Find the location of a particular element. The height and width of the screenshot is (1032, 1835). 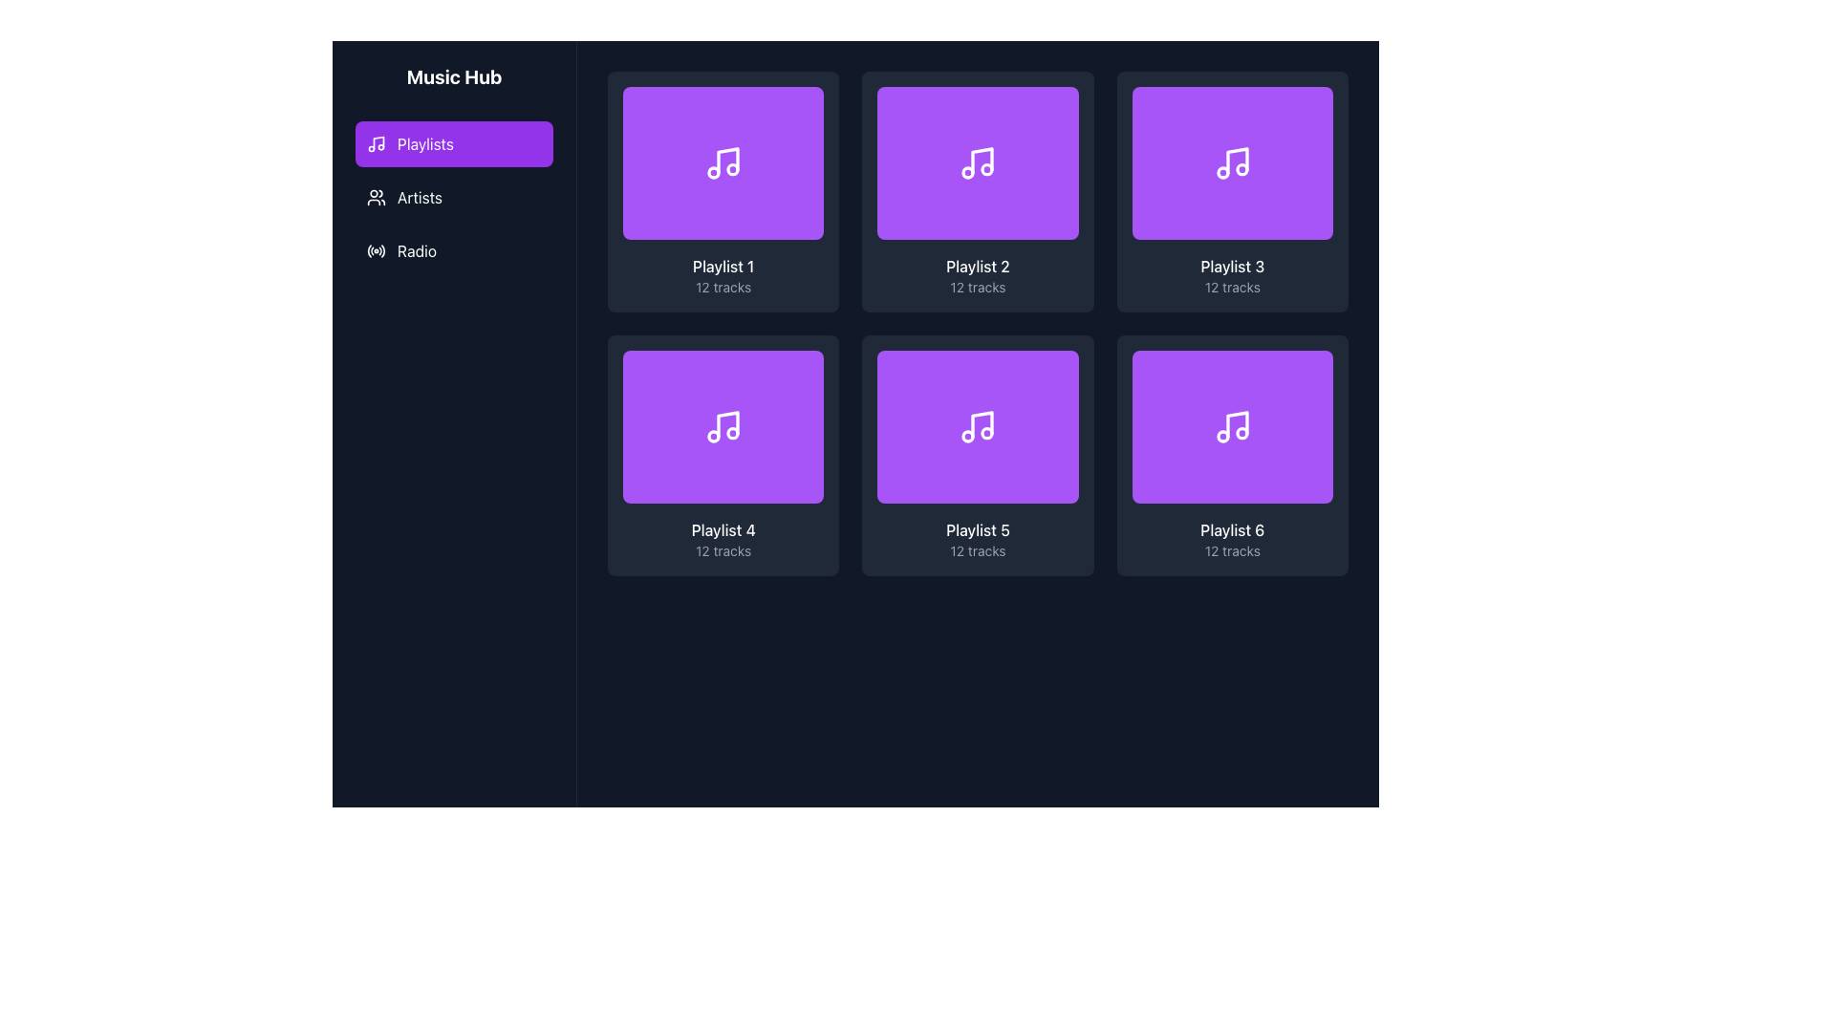

the rightmost small circle of the musical note icon within the 'Playlist 3' card, which is part of the decorative SVG elements is located at coordinates (1241, 168).